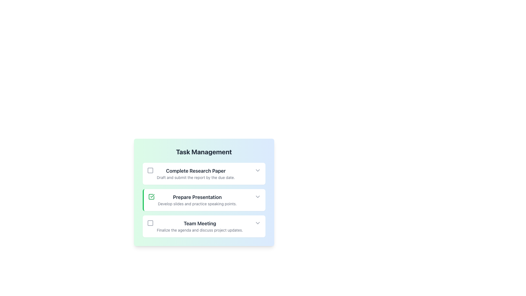 The image size is (526, 296). I want to click on the green, outlined square checkbox with a checkmark located to the left of the 'Prepare Presentation' task title, so click(151, 196).